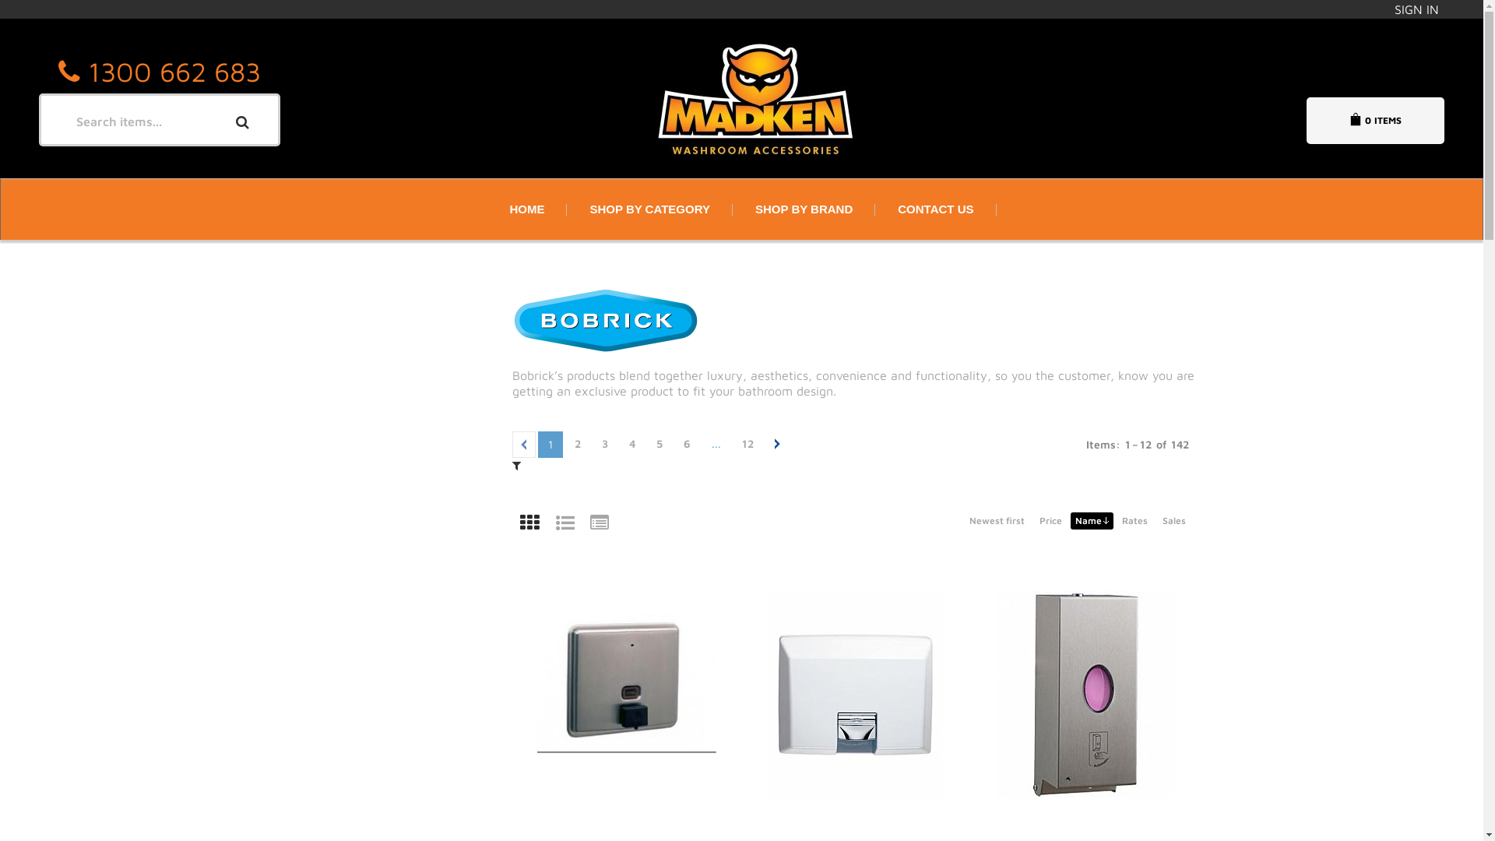 The width and height of the screenshot is (1495, 841). I want to click on 'SHOP BY BRAND', so click(804, 209).